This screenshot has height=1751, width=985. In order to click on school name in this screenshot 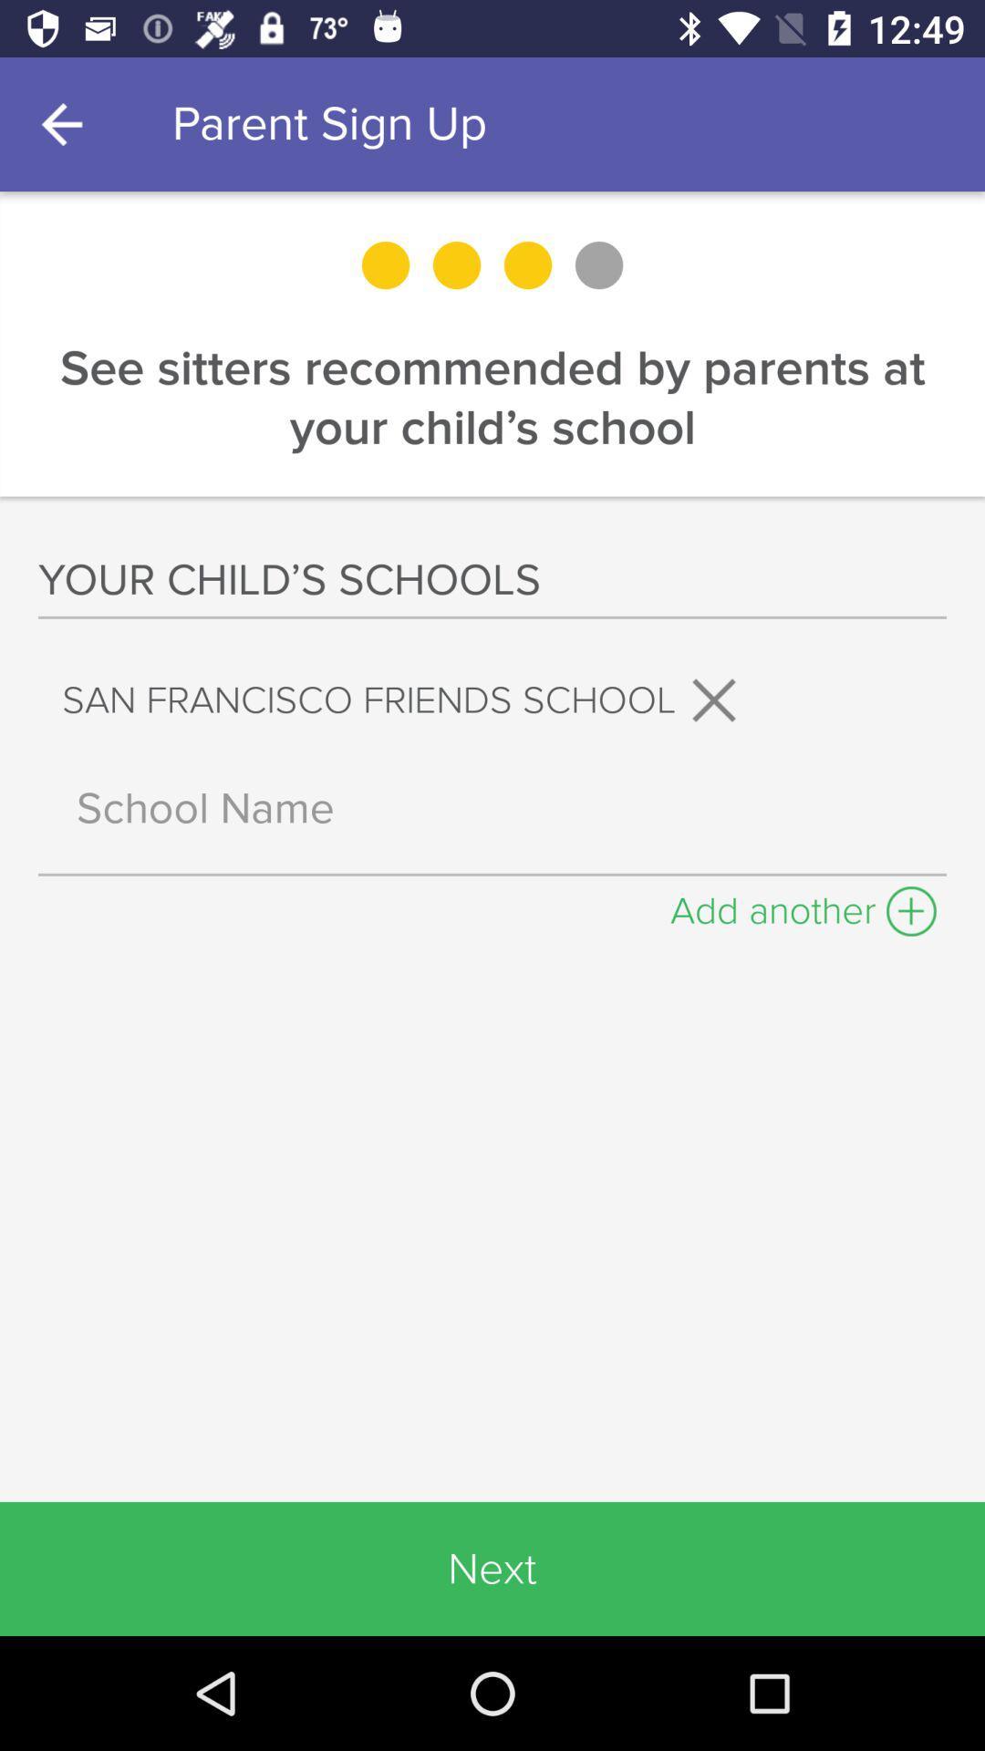, I will do `click(493, 807)`.